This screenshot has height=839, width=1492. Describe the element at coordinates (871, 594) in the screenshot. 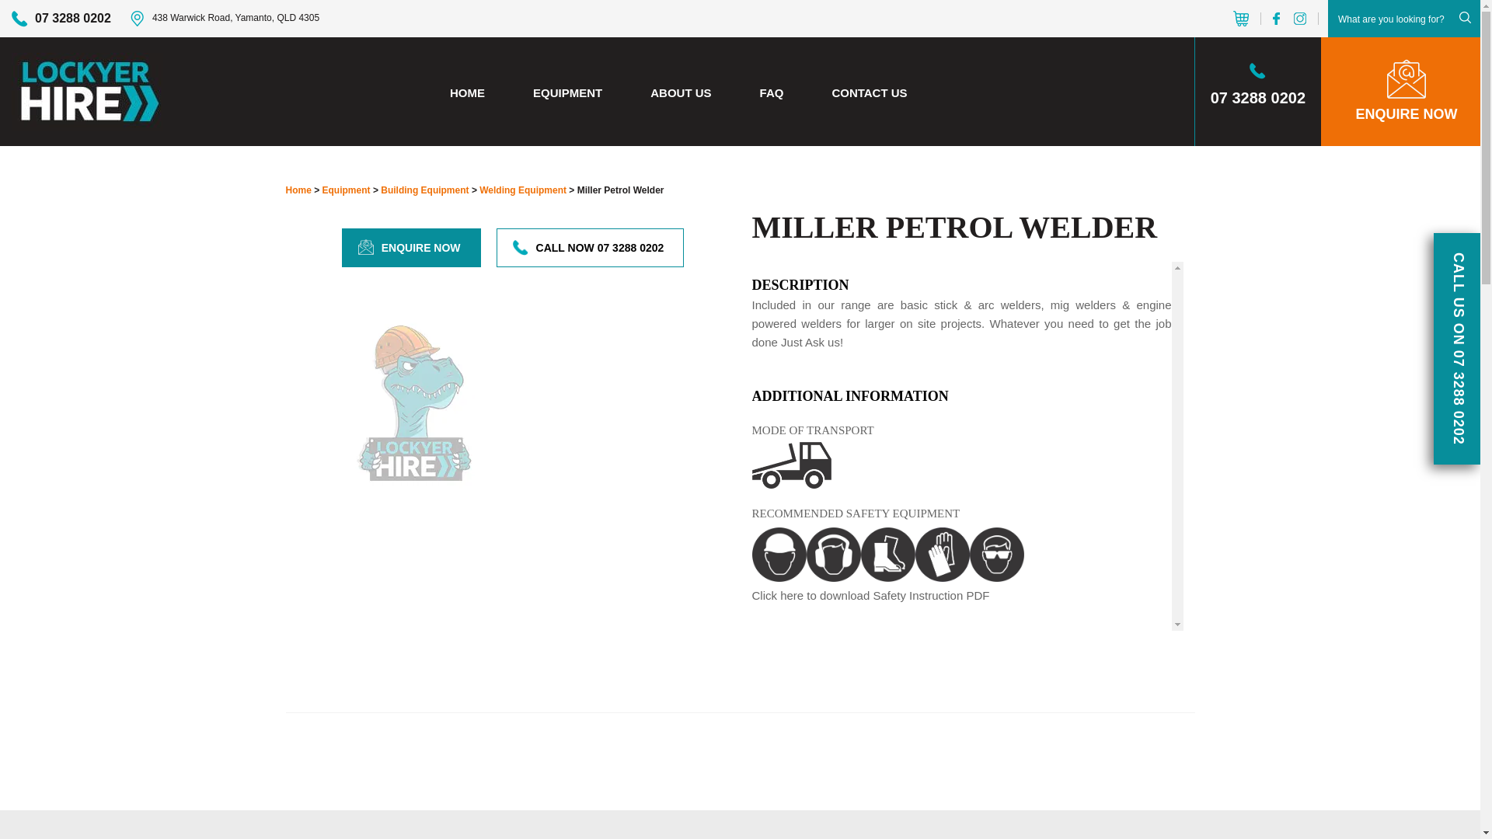

I see `'Click here to download Safety Instruction PDF'` at that location.